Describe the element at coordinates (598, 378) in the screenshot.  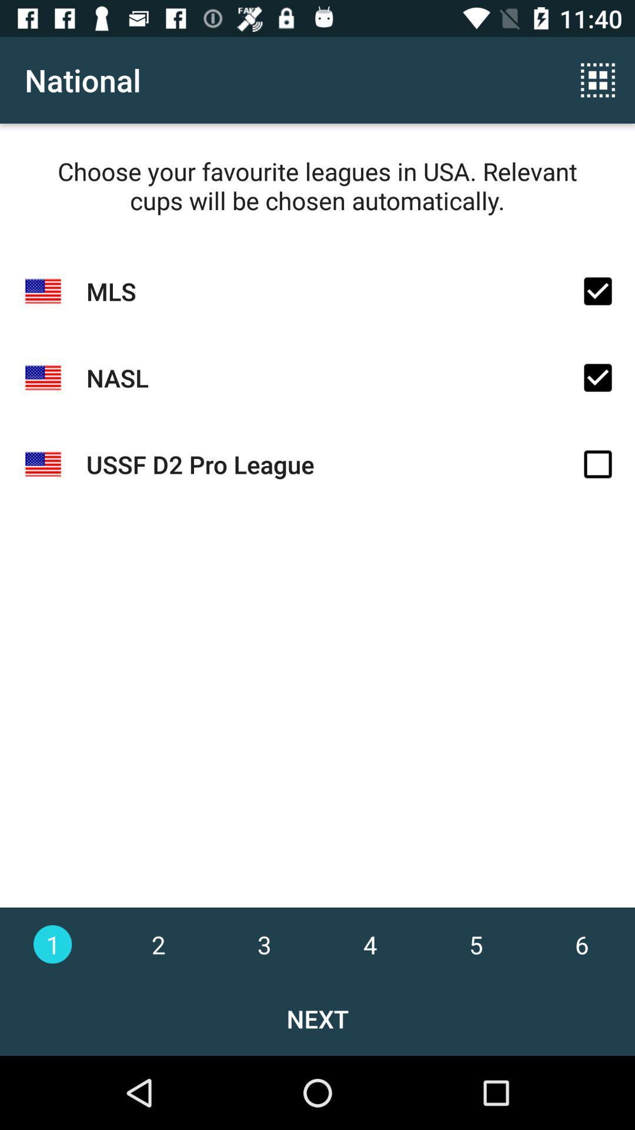
I see `the checkbox right next to nasl` at that location.